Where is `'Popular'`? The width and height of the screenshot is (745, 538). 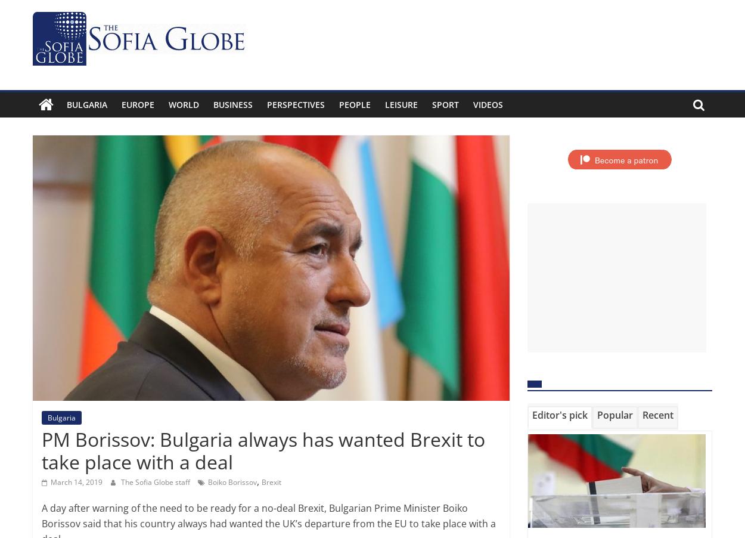 'Popular' is located at coordinates (597, 415).